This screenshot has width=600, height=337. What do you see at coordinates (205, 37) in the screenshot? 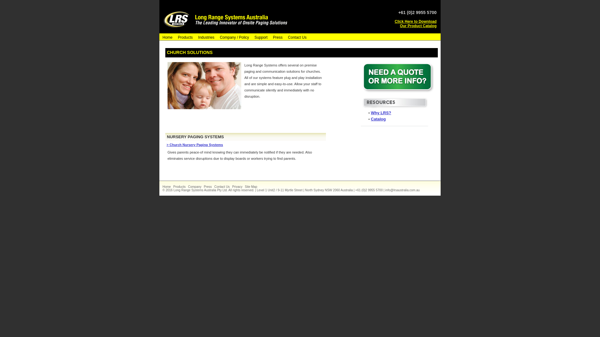
I see `'Industries'` at bounding box center [205, 37].